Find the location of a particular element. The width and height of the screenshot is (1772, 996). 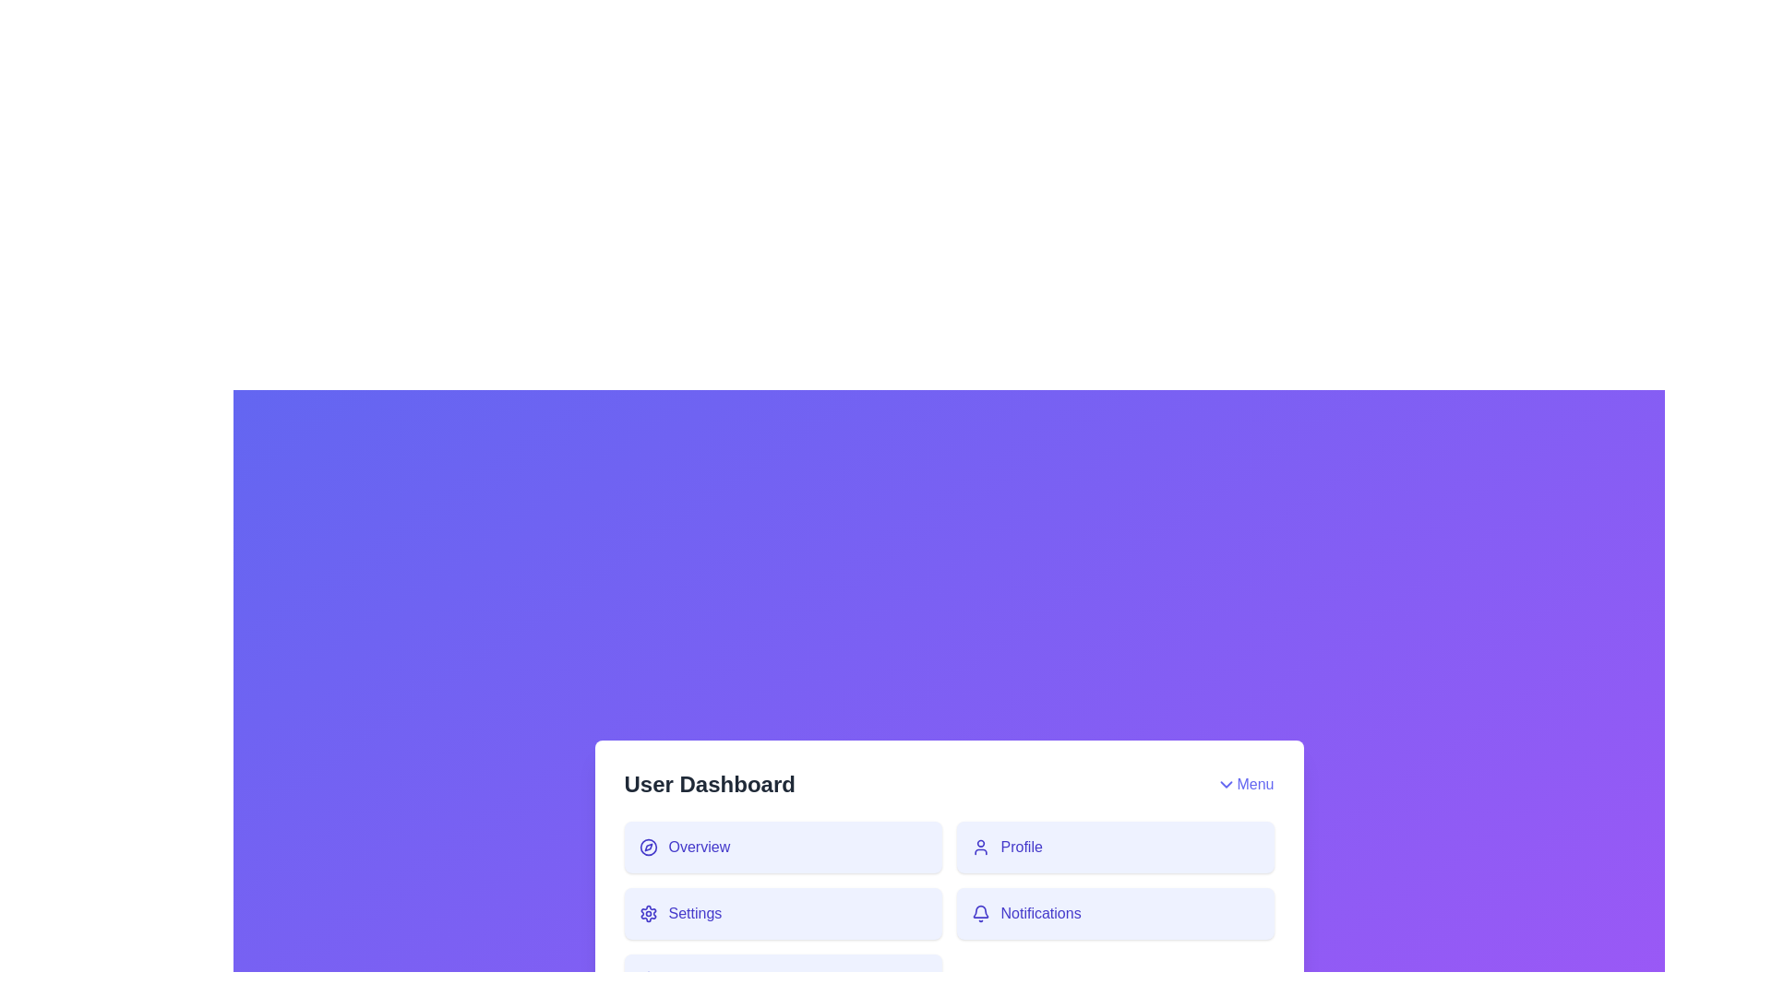

the 'Profile' button to navigate to the Profile section is located at coordinates (1114, 847).